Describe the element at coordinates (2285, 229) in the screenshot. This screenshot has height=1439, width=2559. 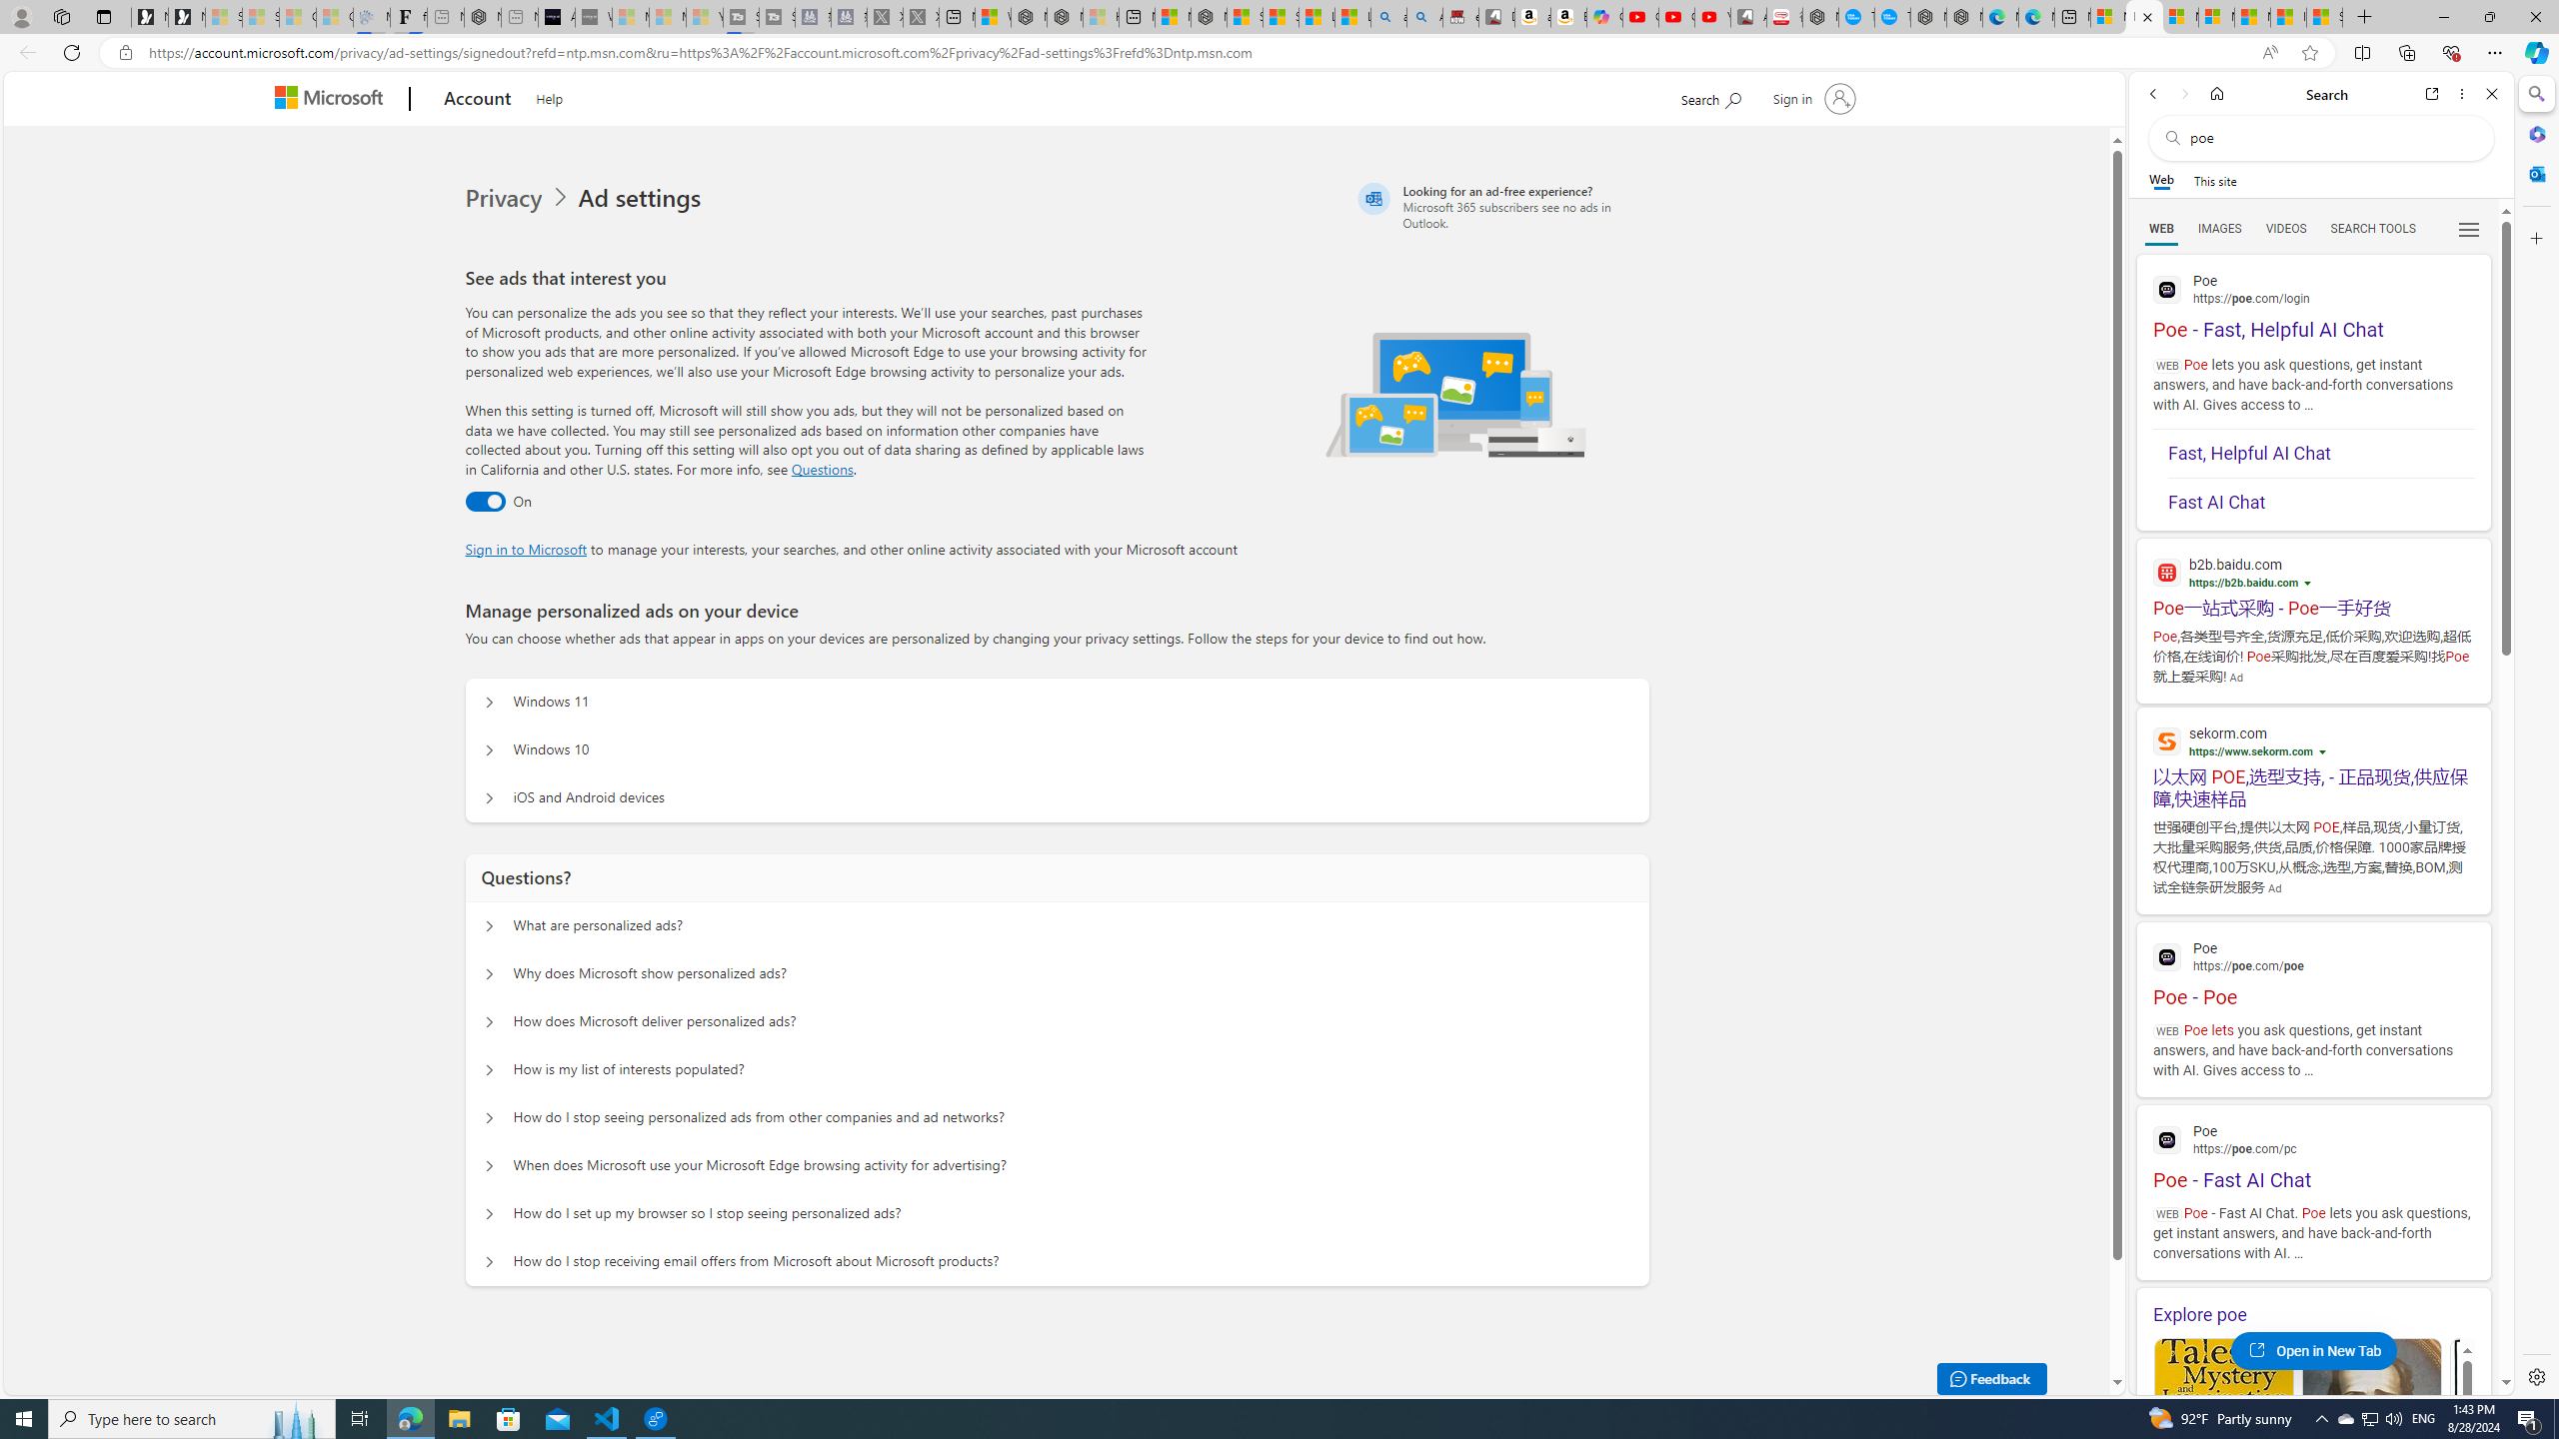
I see `'VIDEOS'` at that location.